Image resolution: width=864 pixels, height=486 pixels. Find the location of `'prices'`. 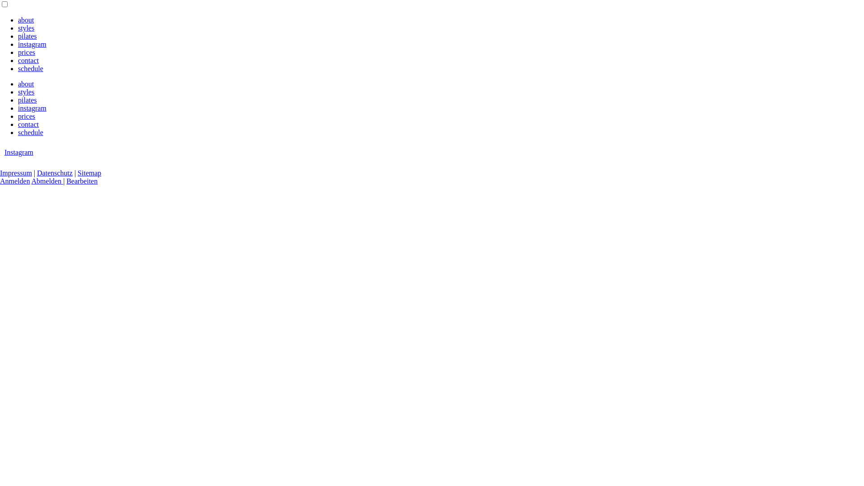

'prices' is located at coordinates (26, 116).